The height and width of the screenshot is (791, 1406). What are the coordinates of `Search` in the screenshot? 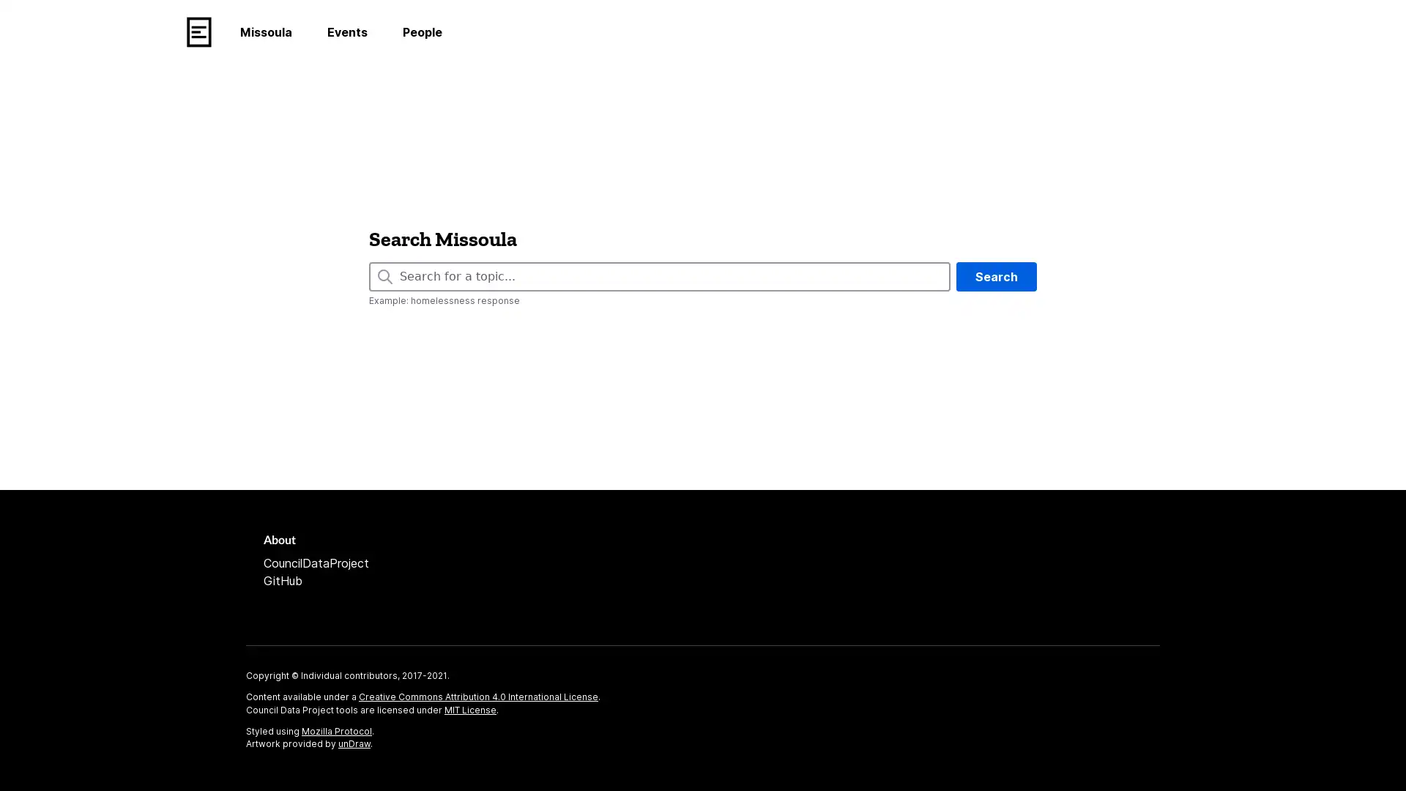 It's located at (996, 277).